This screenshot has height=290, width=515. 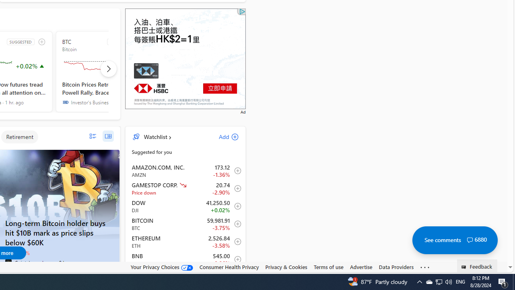 I want to click on 'Advertise', so click(x=360, y=267).